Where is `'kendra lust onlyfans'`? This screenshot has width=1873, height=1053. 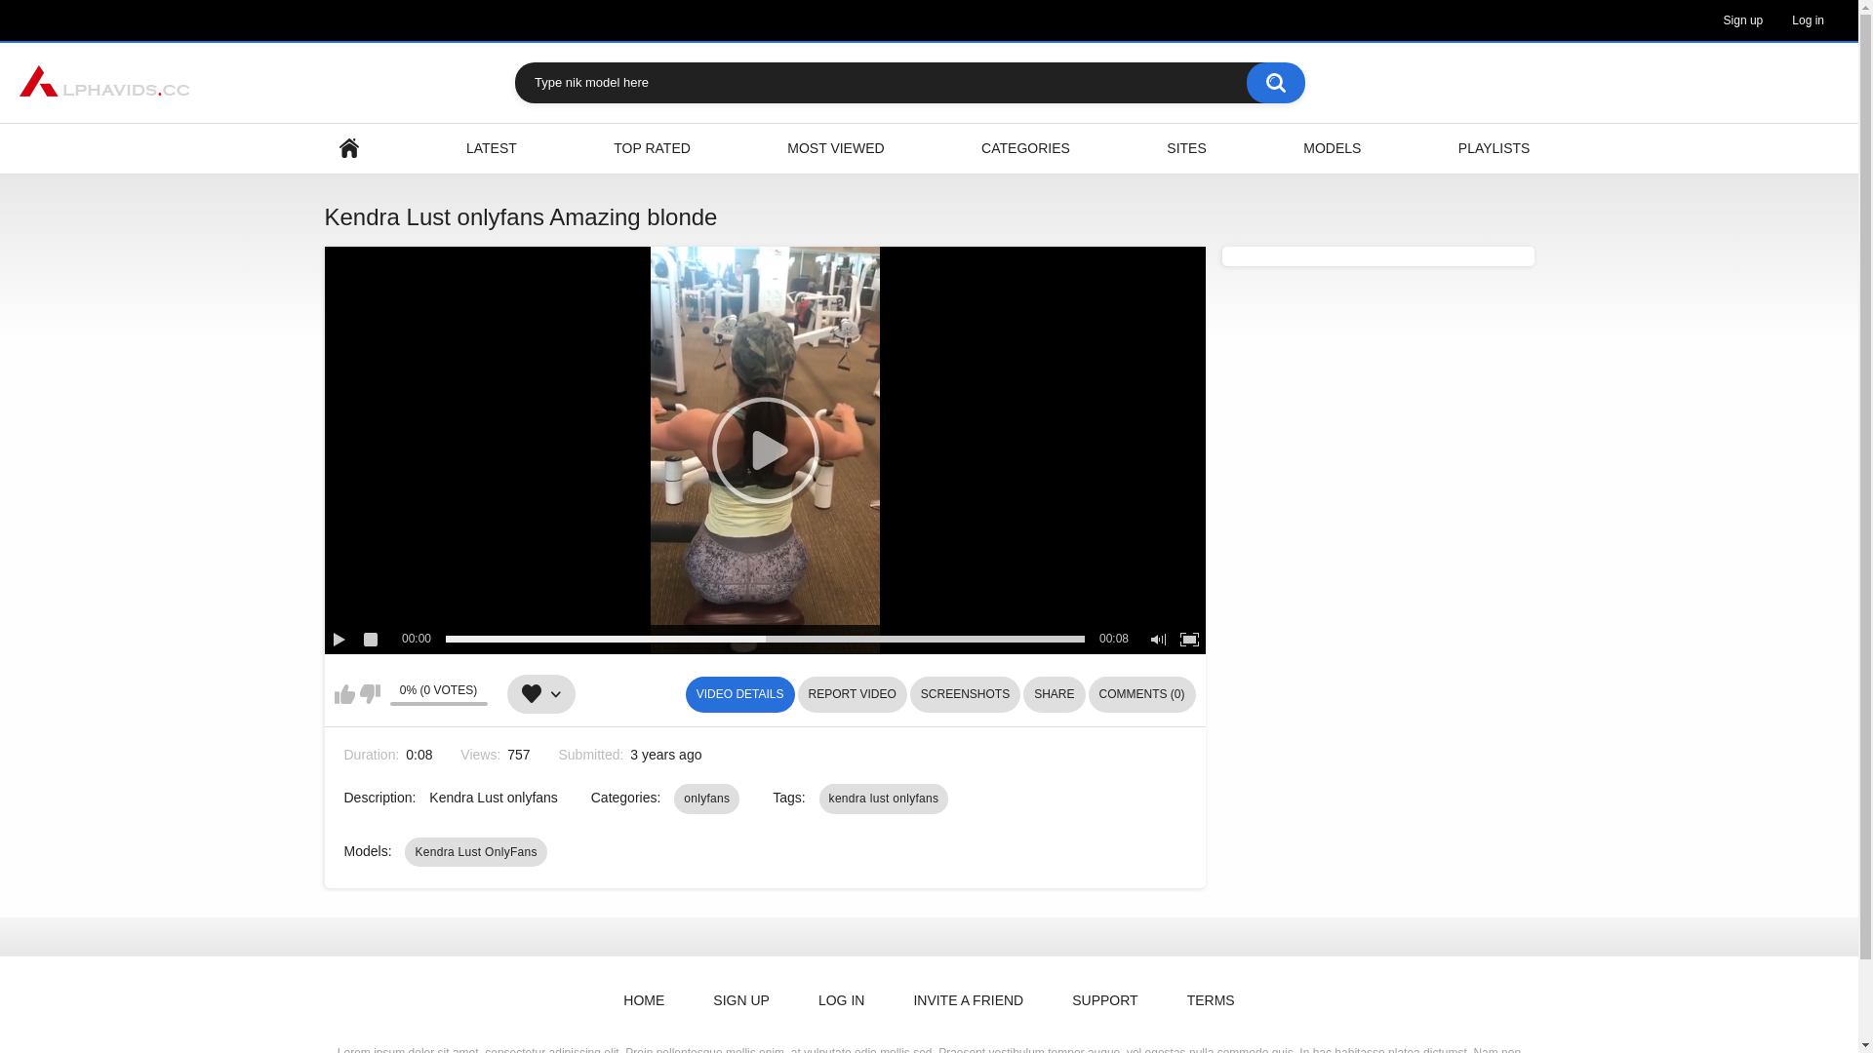 'kendra lust onlyfans' is located at coordinates (819, 798).